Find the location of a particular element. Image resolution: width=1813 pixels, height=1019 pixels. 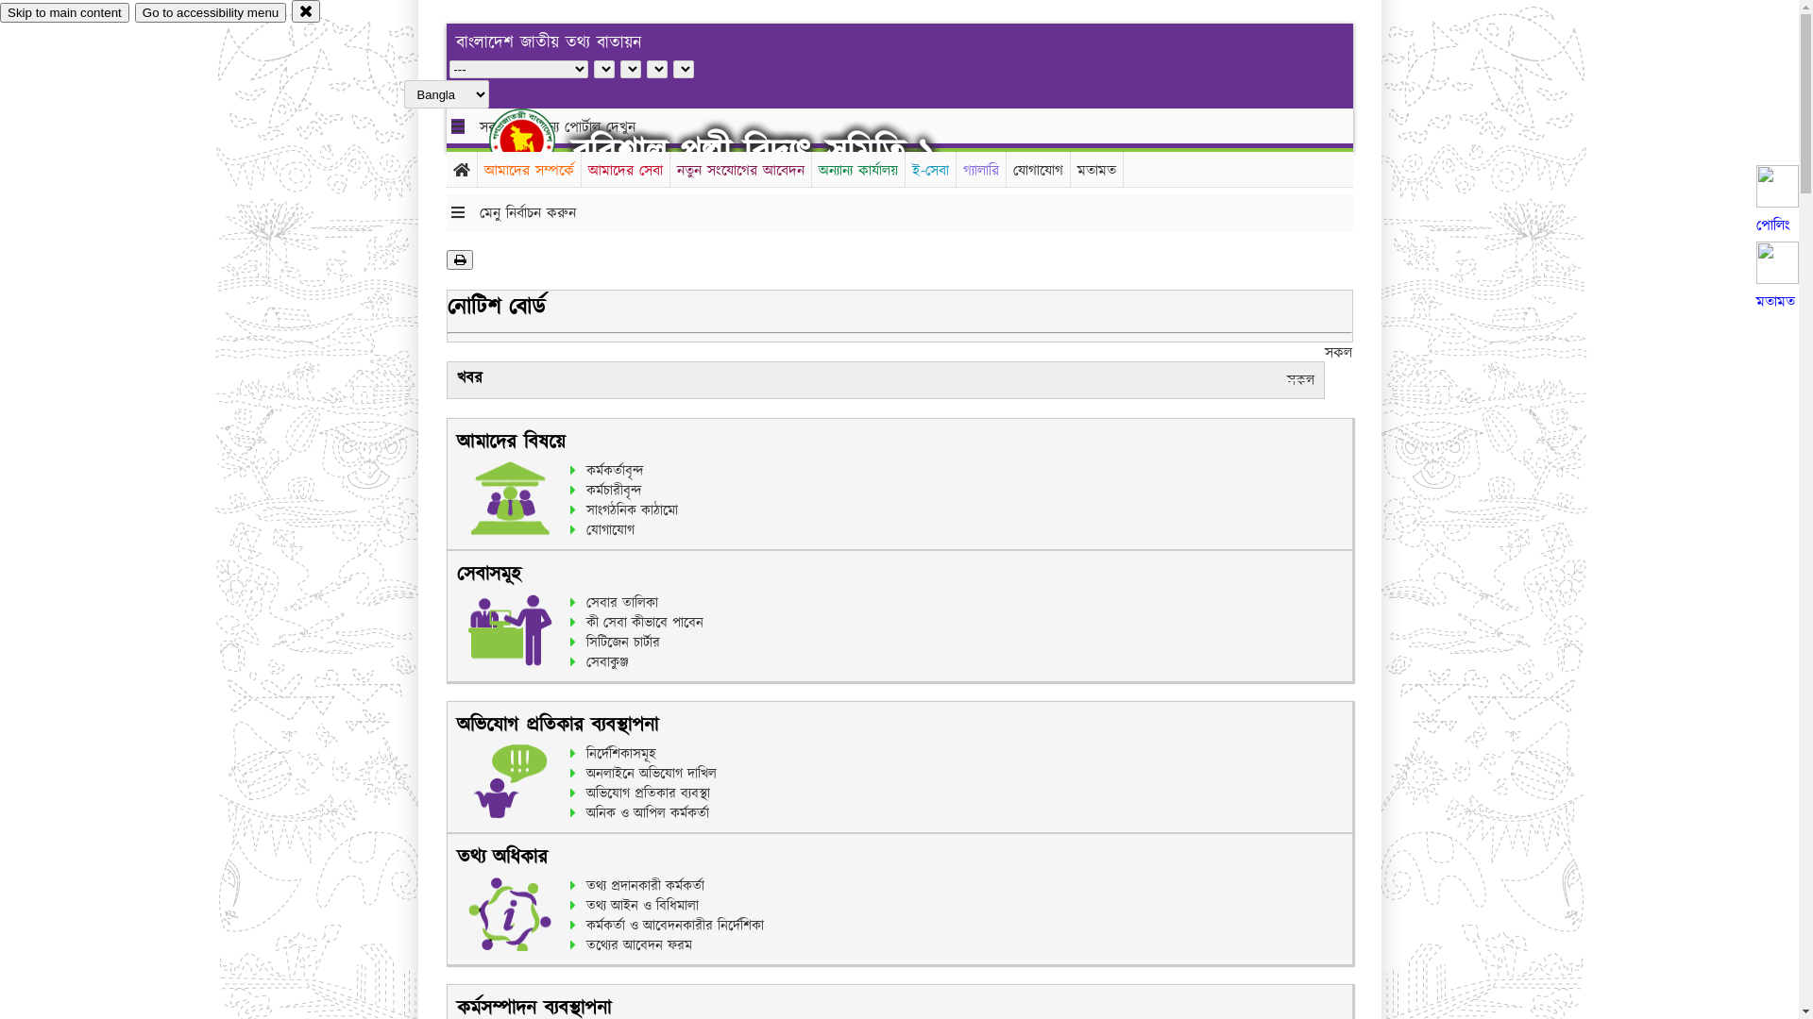

'Skip to main content' is located at coordinates (0, 12).